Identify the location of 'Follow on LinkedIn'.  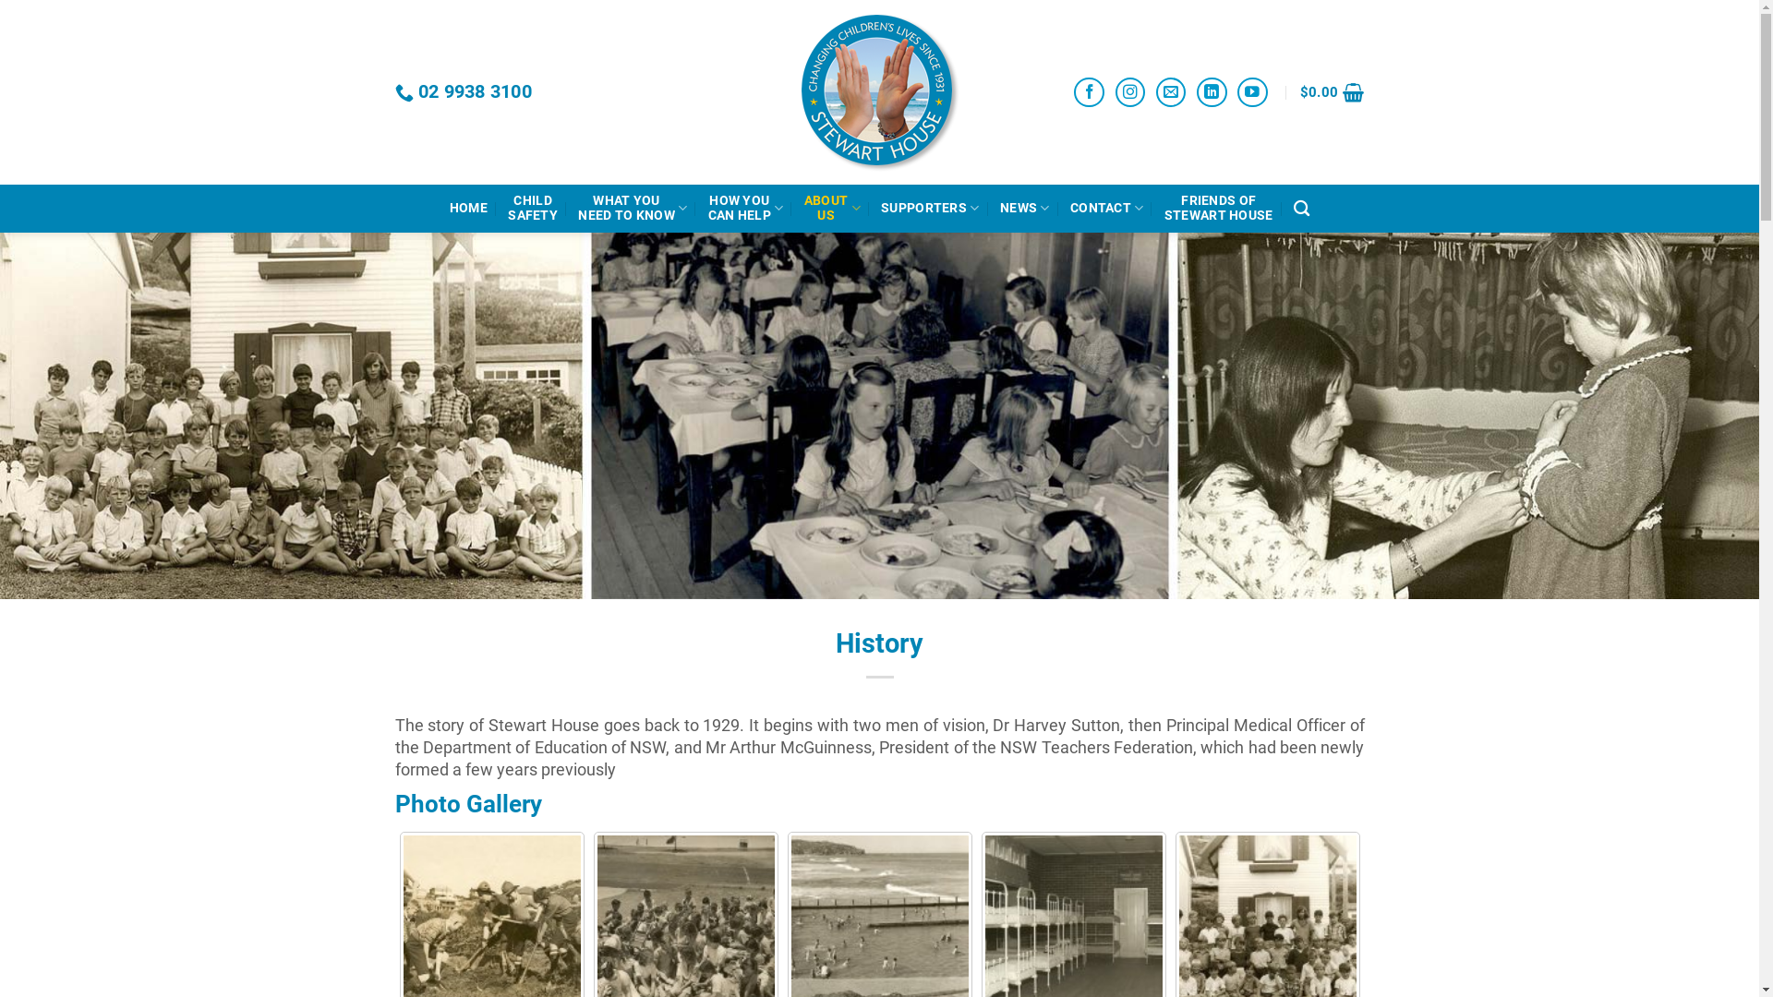
(1197, 92).